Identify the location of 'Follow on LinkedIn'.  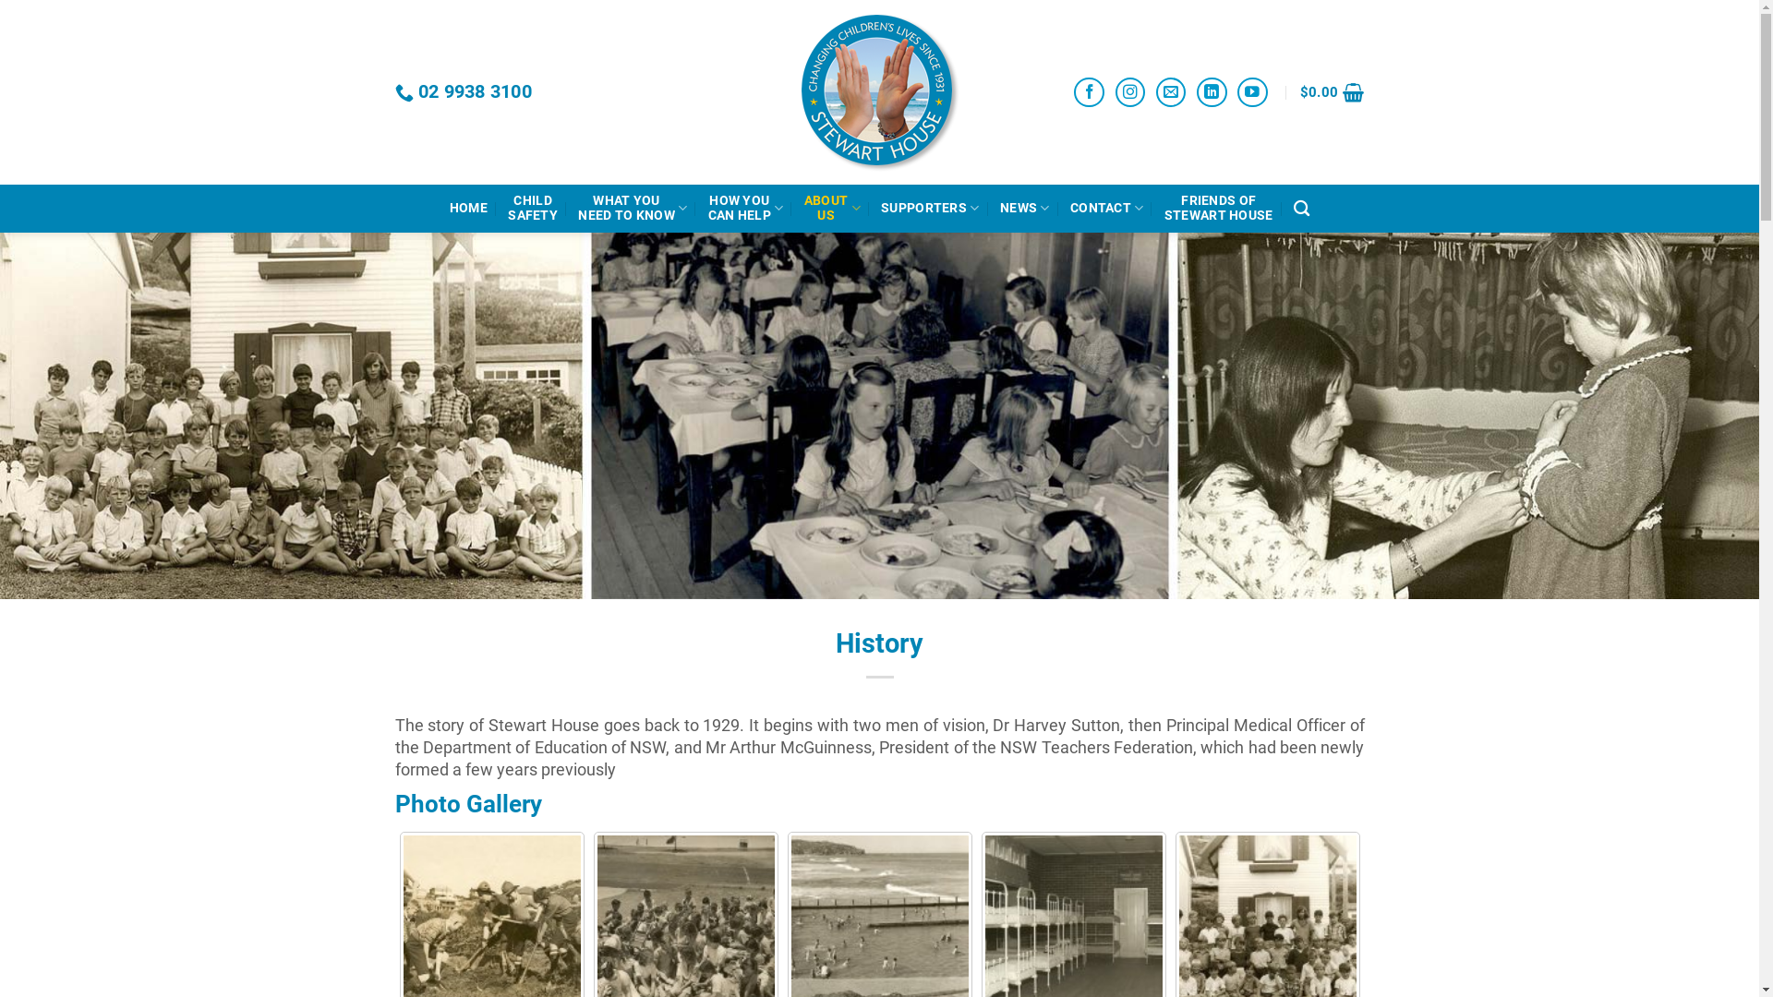
(1197, 92).